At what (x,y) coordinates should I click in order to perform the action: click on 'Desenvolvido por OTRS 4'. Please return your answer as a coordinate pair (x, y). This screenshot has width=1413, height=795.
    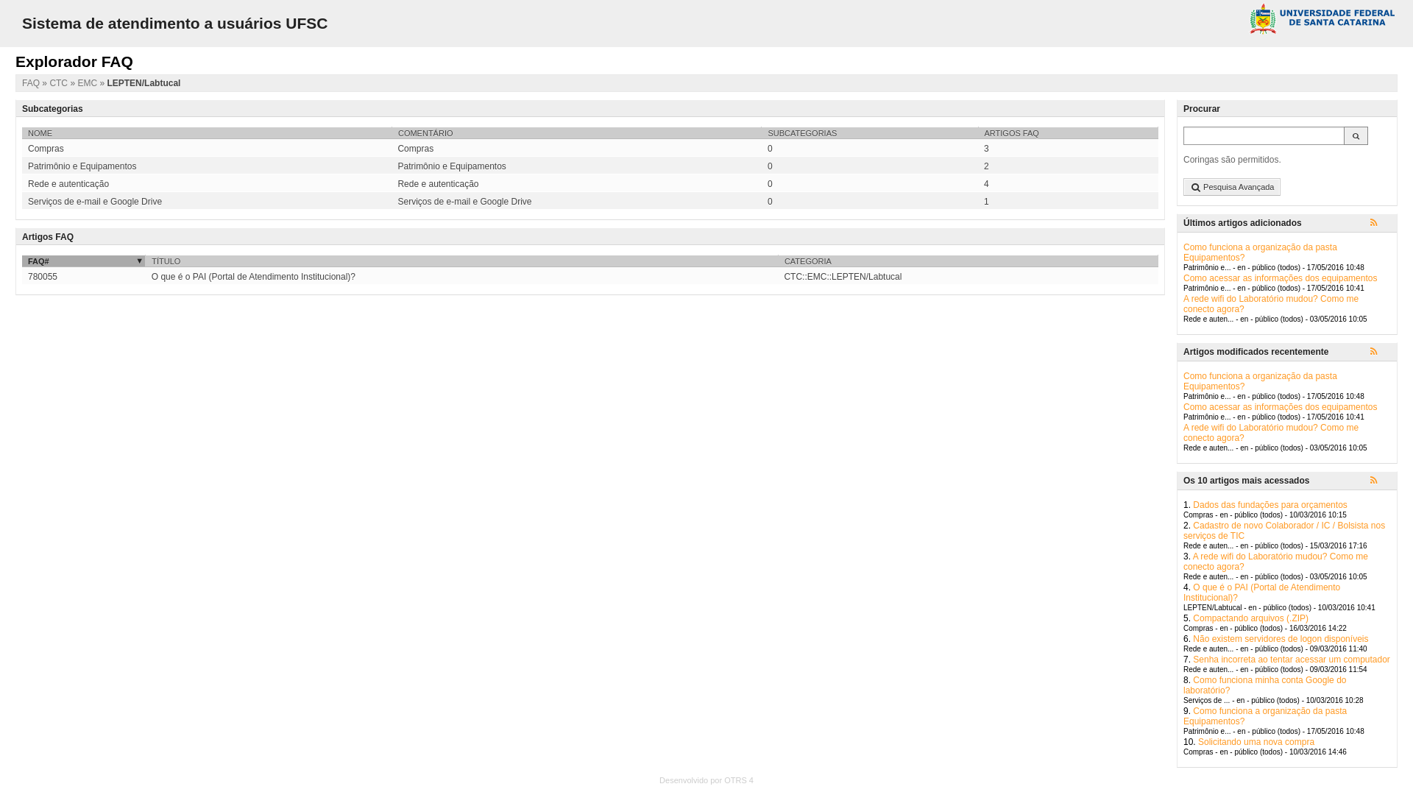
    Looking at the image, I should click on (706, 780).